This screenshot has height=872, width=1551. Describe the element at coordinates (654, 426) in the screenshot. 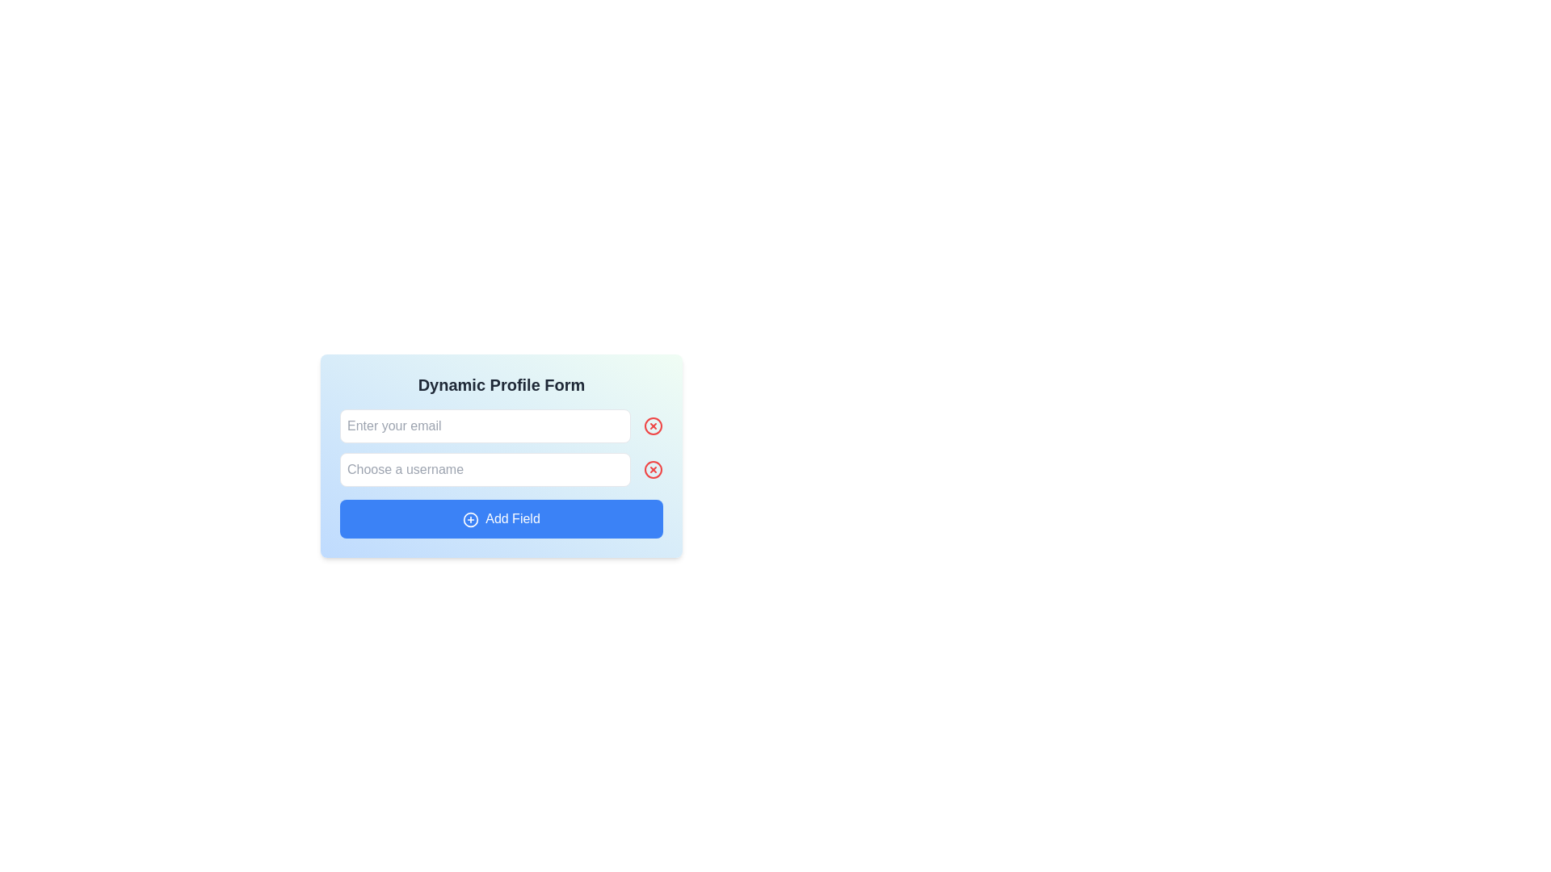

I see `the Decorative SVG component located in the top-right corner of the input field labeled 'Enter your email', which contributes to the visual composition of the clear field icon` at that location.